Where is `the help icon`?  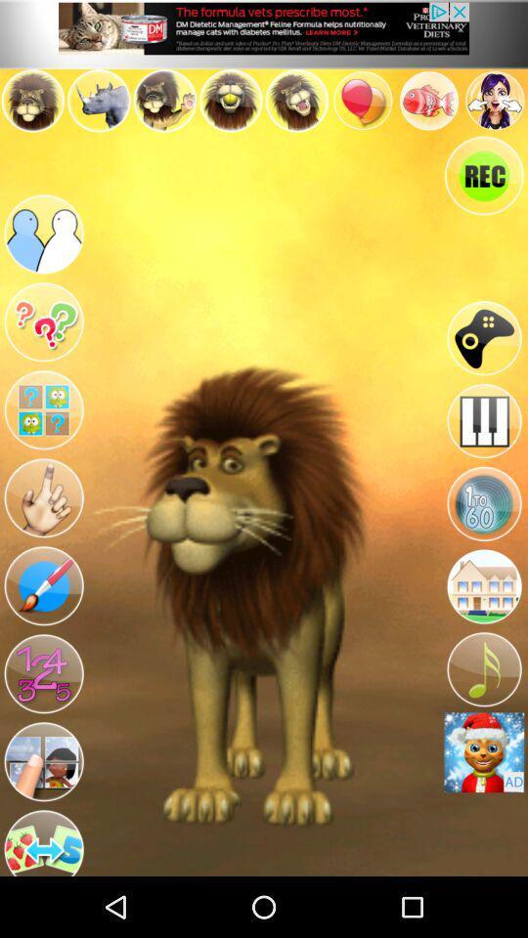 the help icon is located at coordinates (43, 345).